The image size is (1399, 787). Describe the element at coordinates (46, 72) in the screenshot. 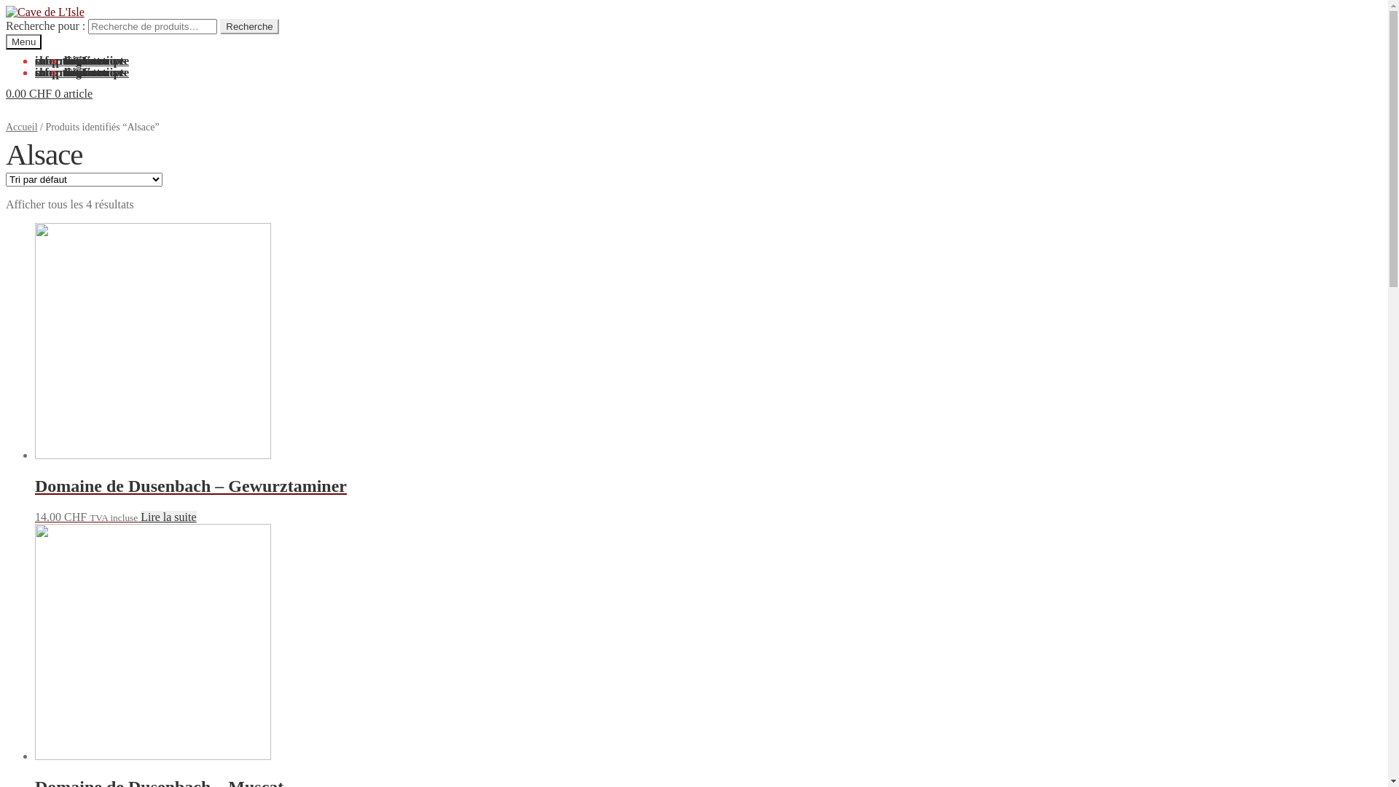

I see `'shop'` at that location.